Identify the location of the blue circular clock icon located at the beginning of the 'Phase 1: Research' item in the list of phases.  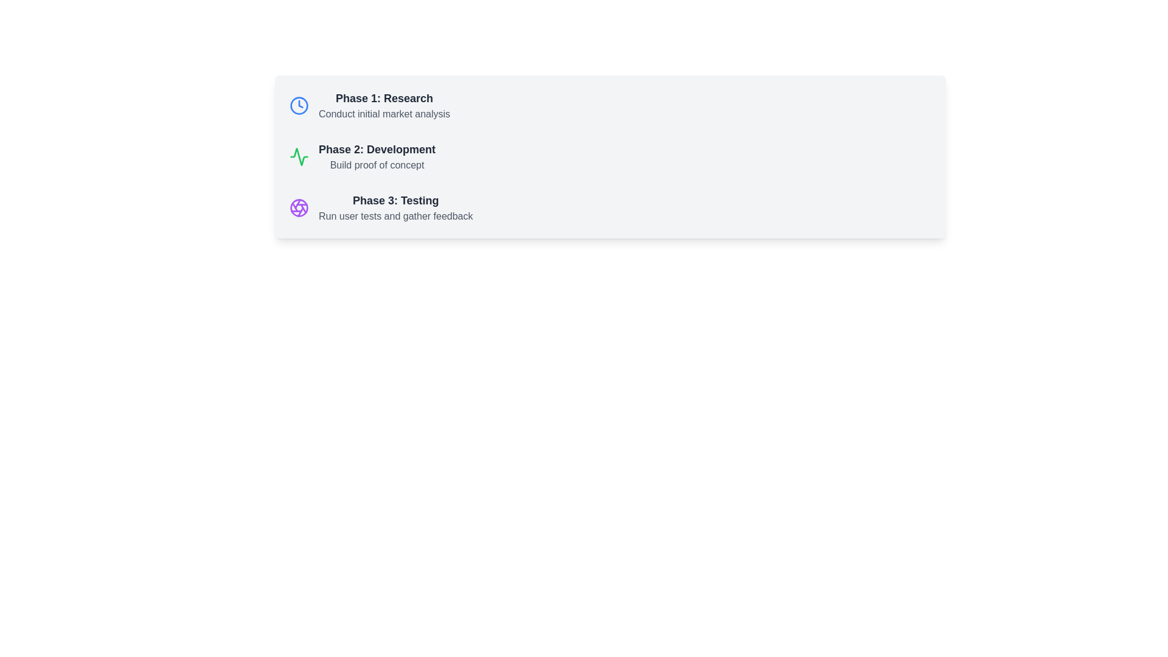
(299, 105).